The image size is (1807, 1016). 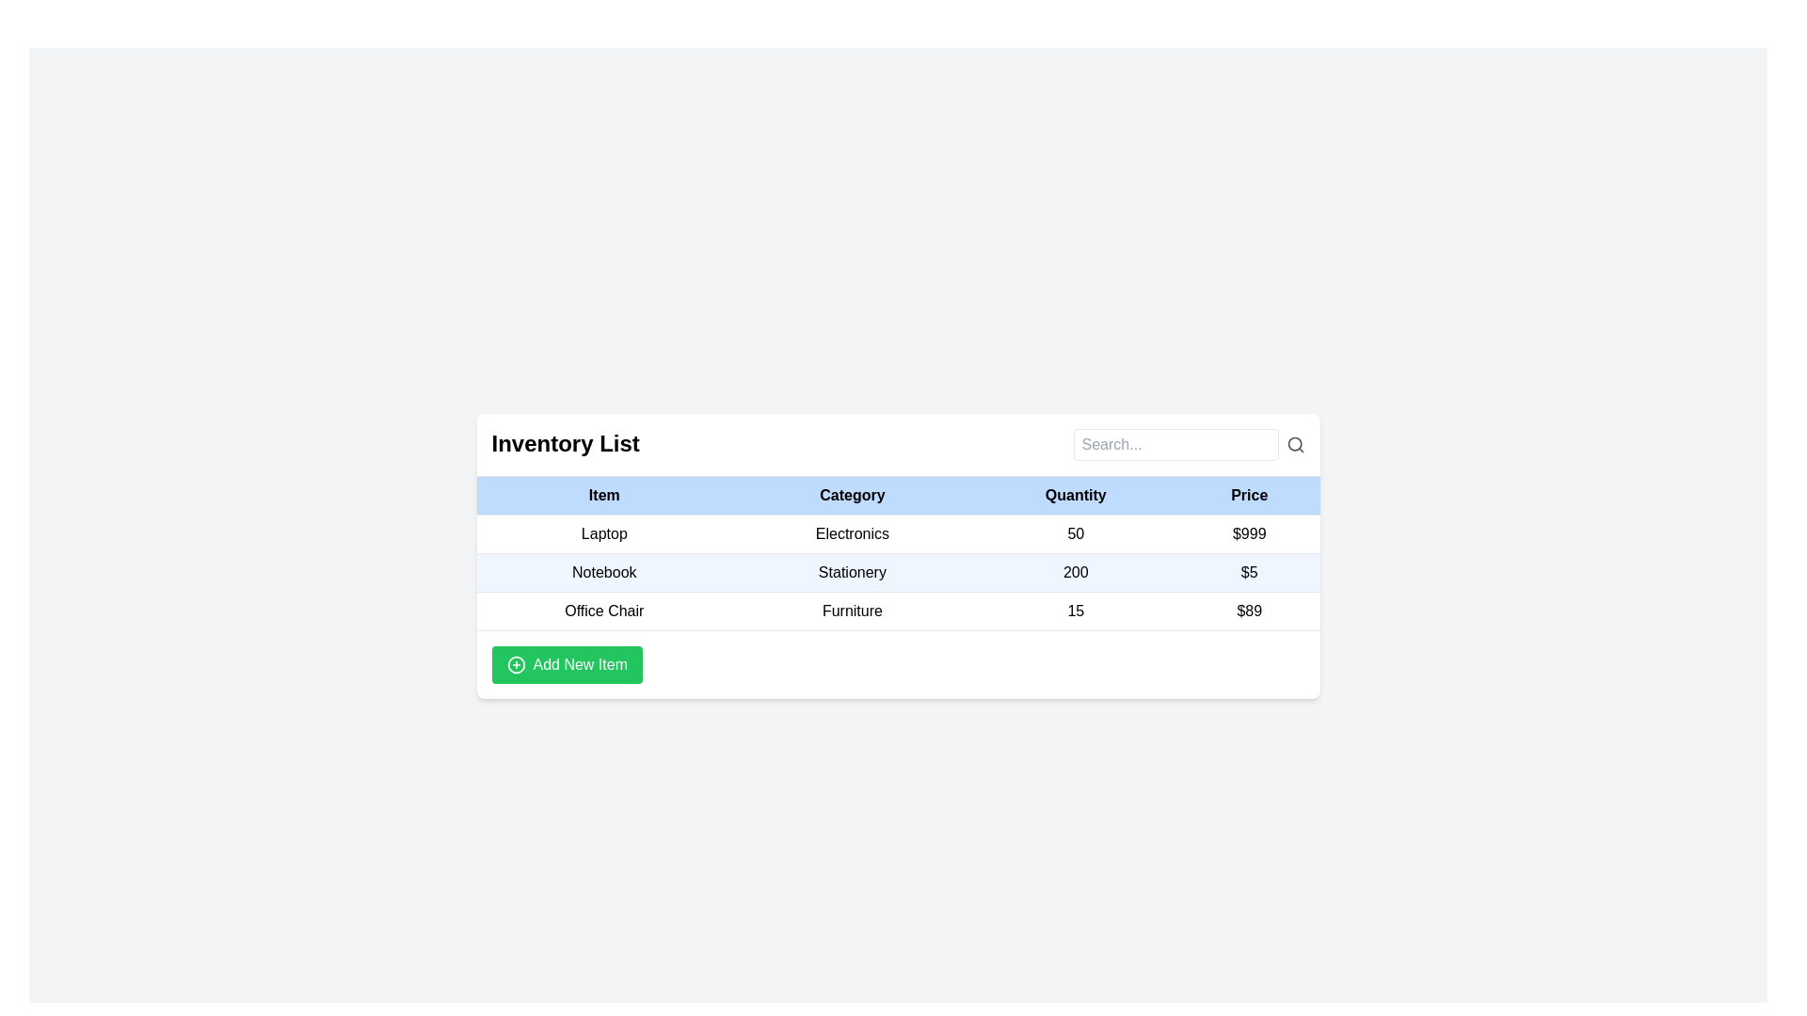 What do you see at coordinates (851, 494) in the screenshot?
I see `the 'Category' text header in the table, which is displayed in bold black font on a light blue background and is positioned between the 'Item' and 'Quantity' headers` at bounding box center [851, 494].